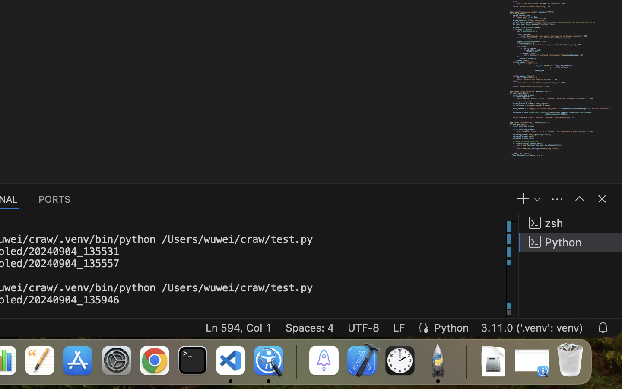 This screenshot has width=622, height=389. Describe the element at coordinates (570, 222) in the screenshot. I see `'zsh '` at that location.